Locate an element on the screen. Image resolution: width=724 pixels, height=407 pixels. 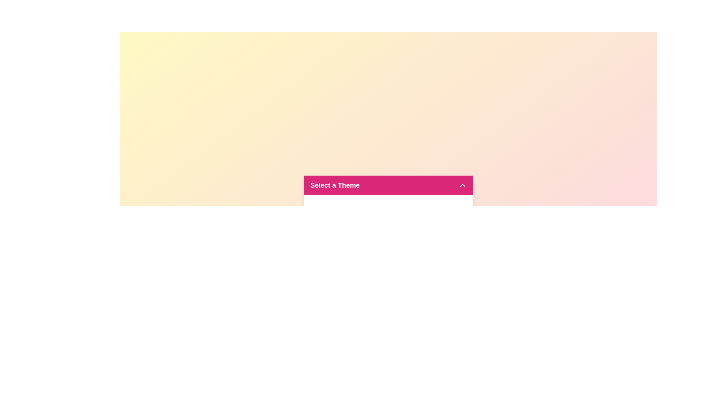
the dropdown icon to toggle the menu state is located at coordinates (462, 185).